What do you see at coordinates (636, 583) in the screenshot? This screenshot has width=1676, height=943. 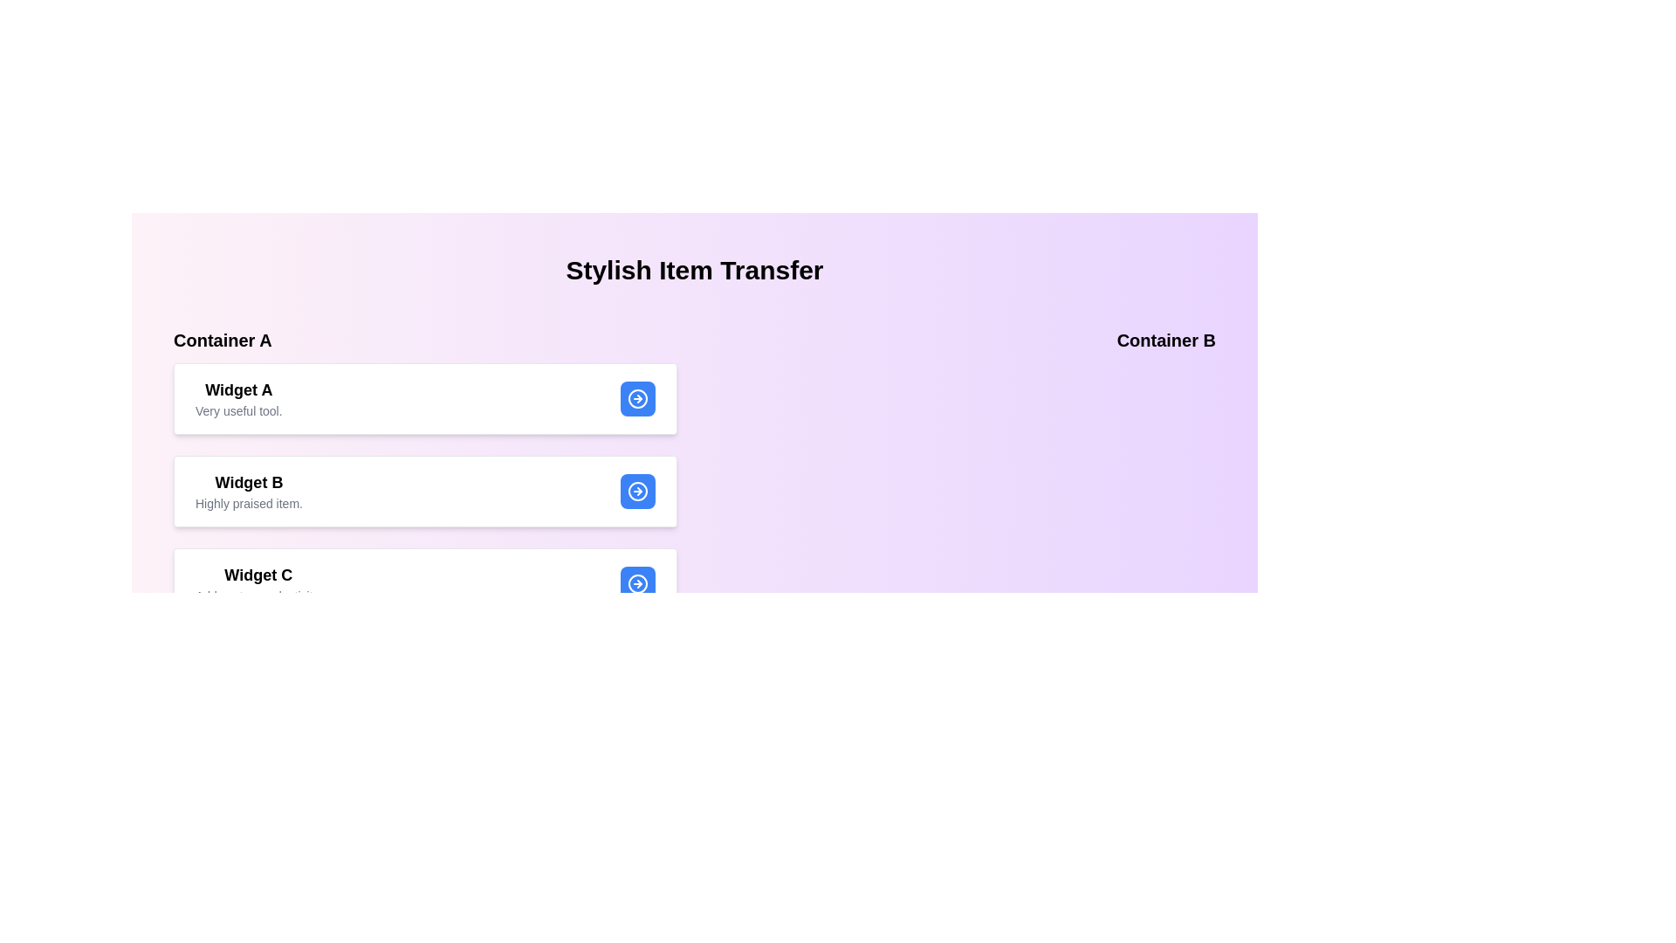 I see `transfer button for Widget C in Container A to move it to Container B` at bounding box center [636, 583].